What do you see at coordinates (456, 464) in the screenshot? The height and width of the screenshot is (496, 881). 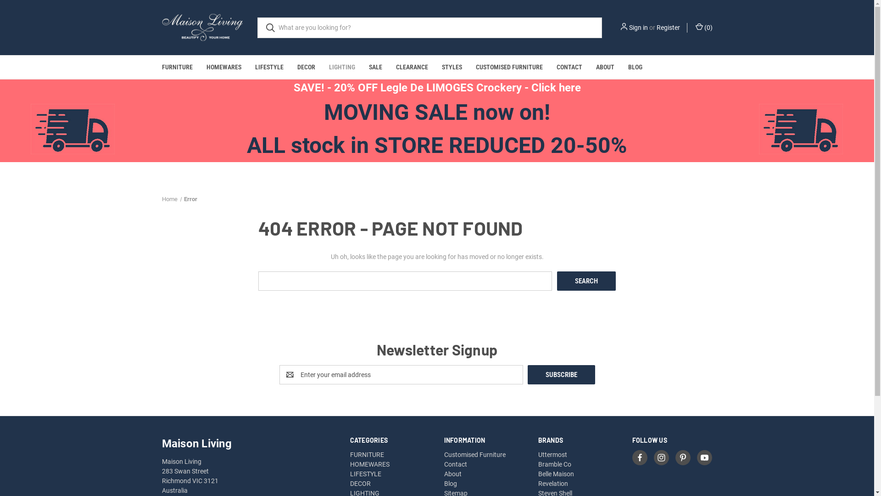 I see `'Contact'` at bounding box center [456, 464].